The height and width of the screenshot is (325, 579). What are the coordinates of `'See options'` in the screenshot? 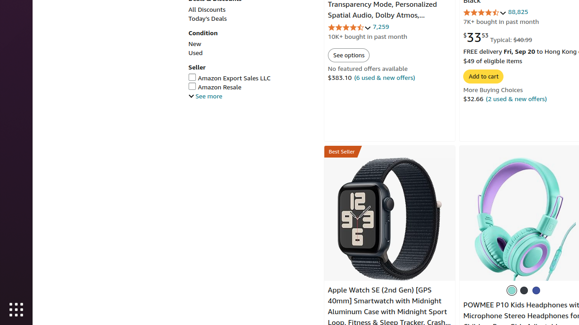 It's located at (348, 55).